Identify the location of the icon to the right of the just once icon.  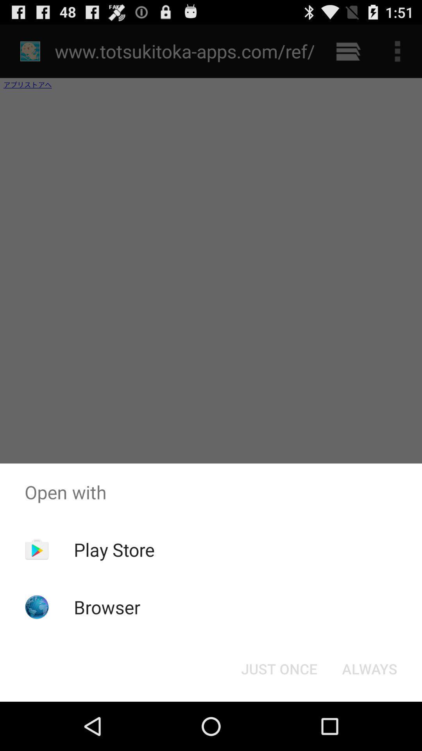
(369, 668).